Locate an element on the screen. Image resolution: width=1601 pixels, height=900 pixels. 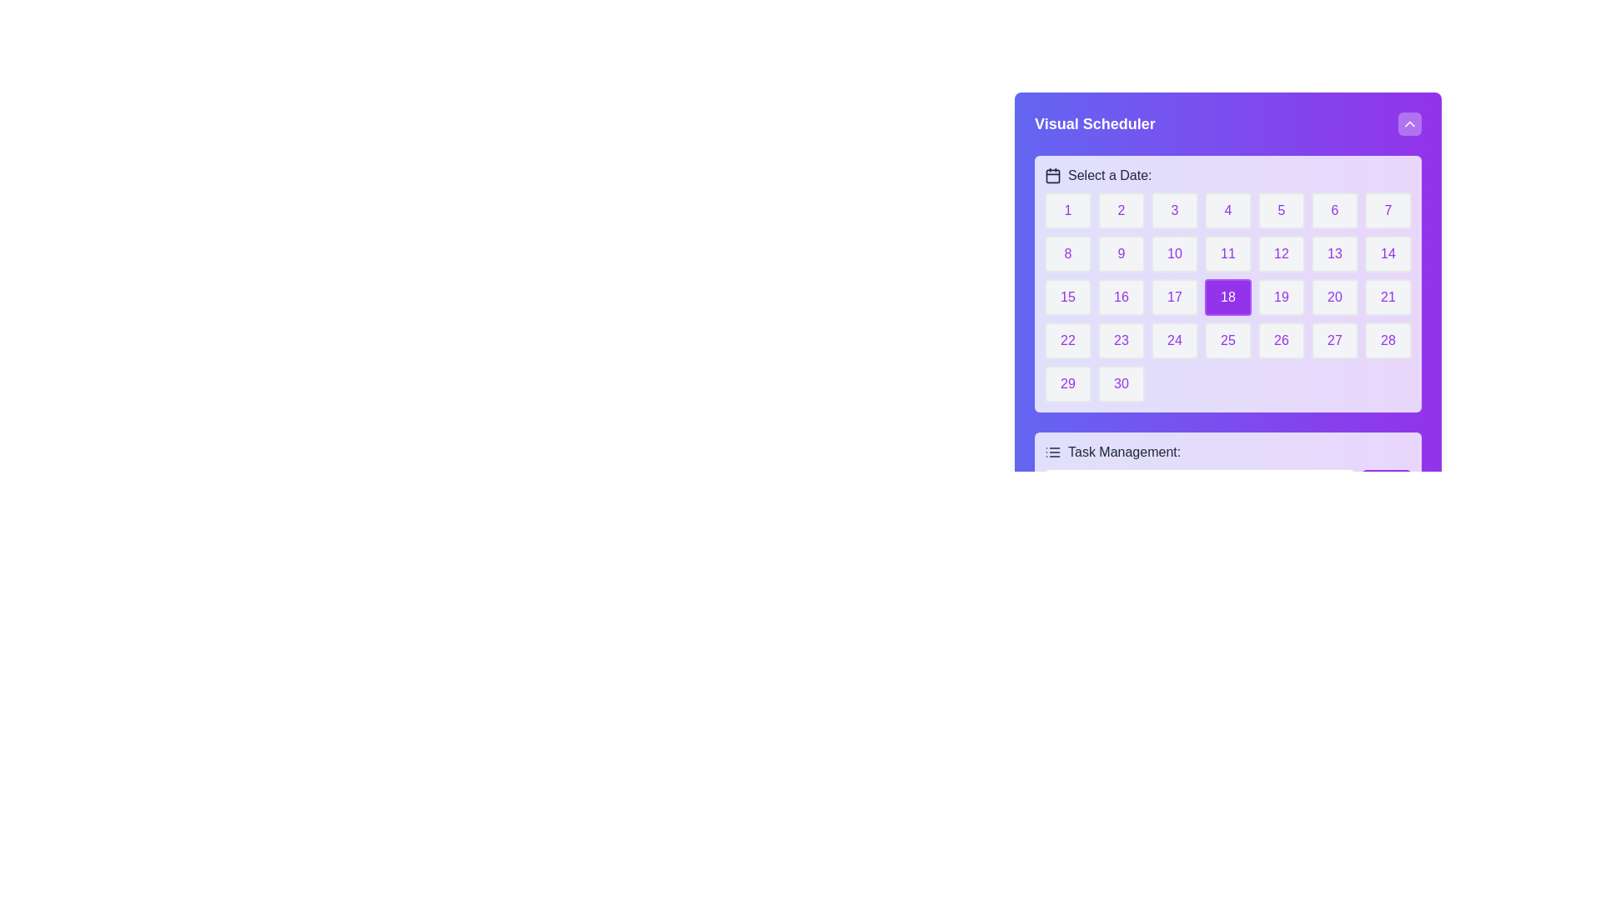
the button displaying the number '28' with purple text, located in the fourth row and seventh column of the date selection grid in the 'Visual Scheduler' panel is located at coordinates (1388, 339).